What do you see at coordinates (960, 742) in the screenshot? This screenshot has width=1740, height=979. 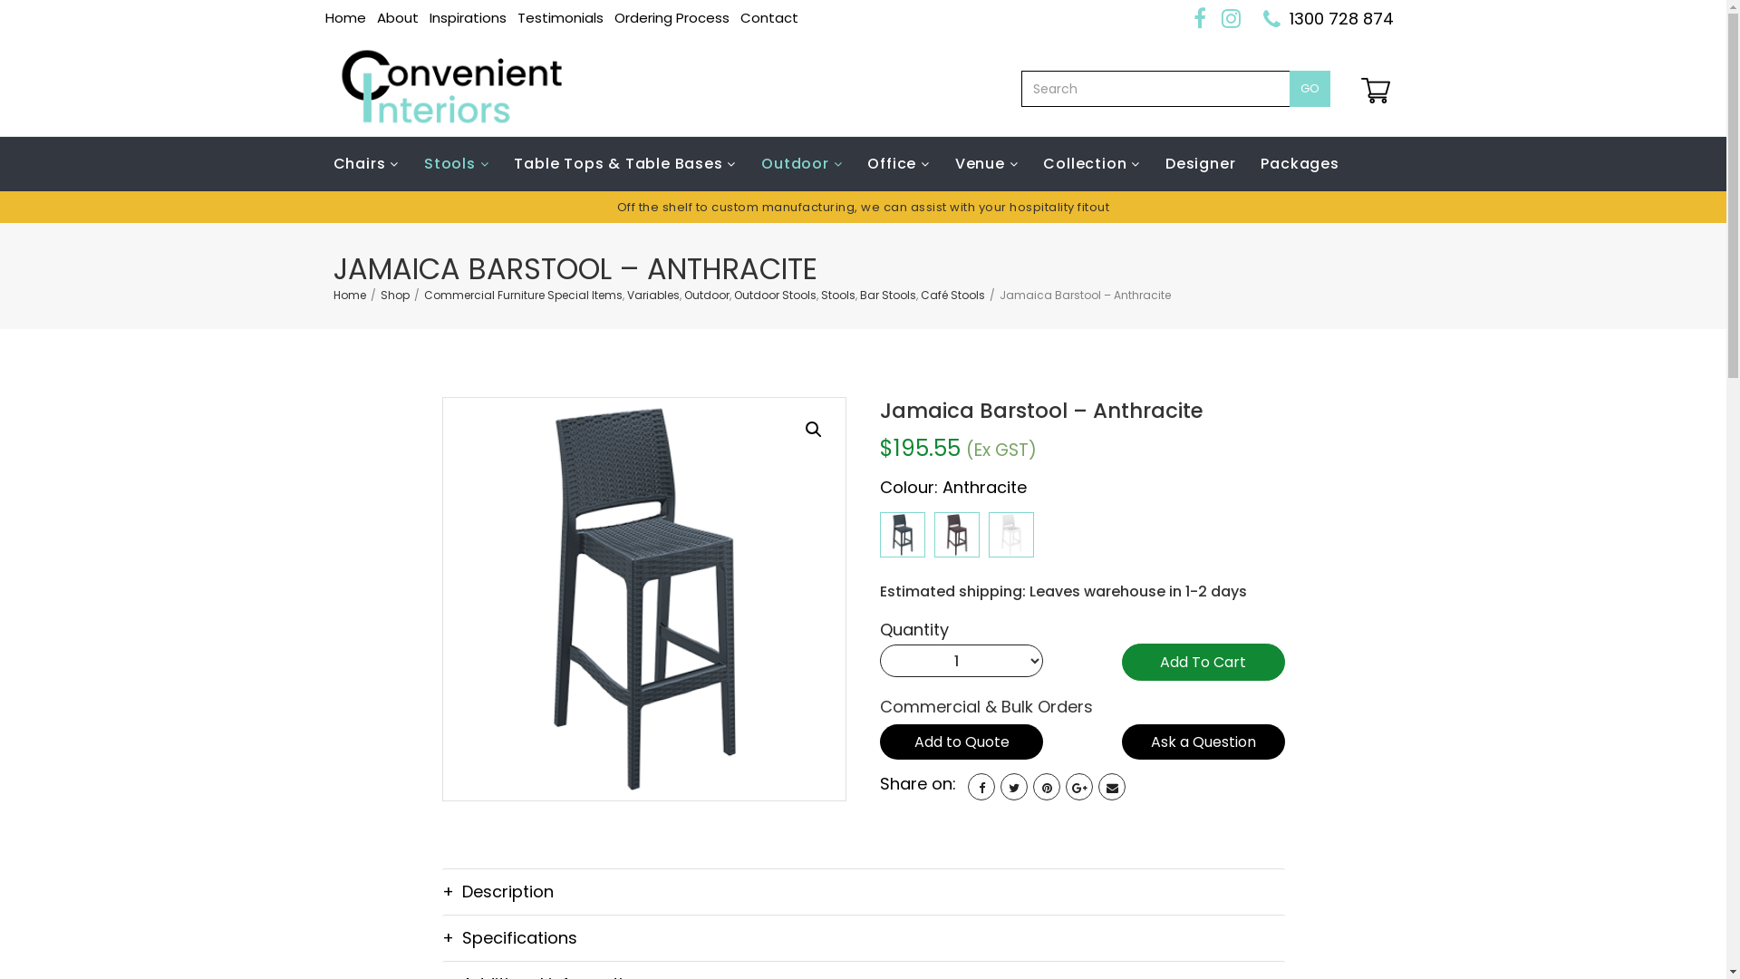 I see `'Add to Quote'` at bounding box center [960, 742].